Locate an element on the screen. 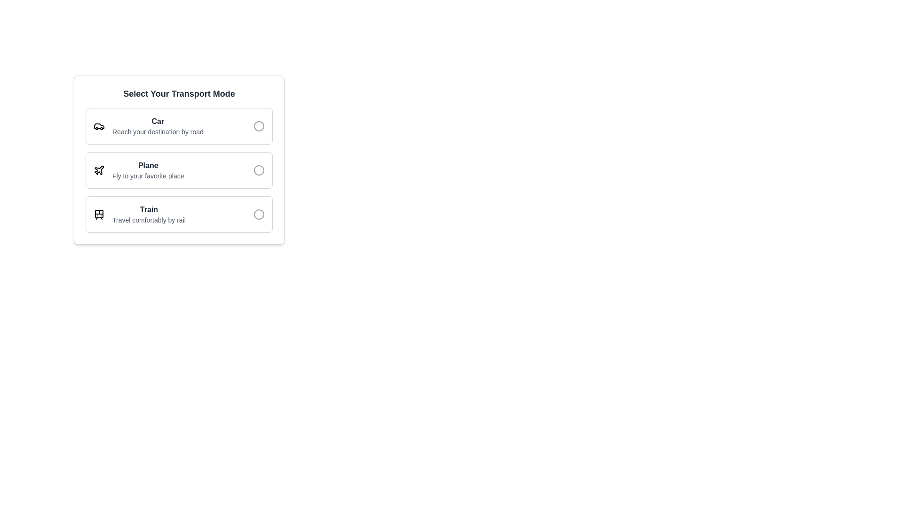 This screenshot has height=507, width=903. the Text Block that provides information about the 'Plane' transport option, located in the second row of the vertically stacked list within the 'Select Your Transport Mode' card is located at coordinates (148, 170).